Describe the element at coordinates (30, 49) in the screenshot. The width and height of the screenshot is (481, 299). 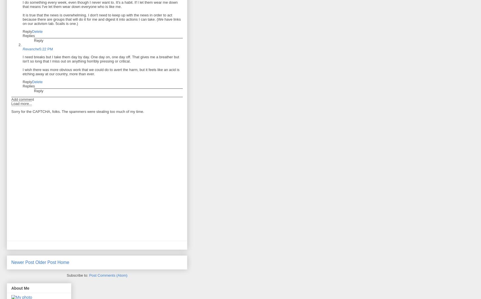
I see `'Revanche'` at that location.